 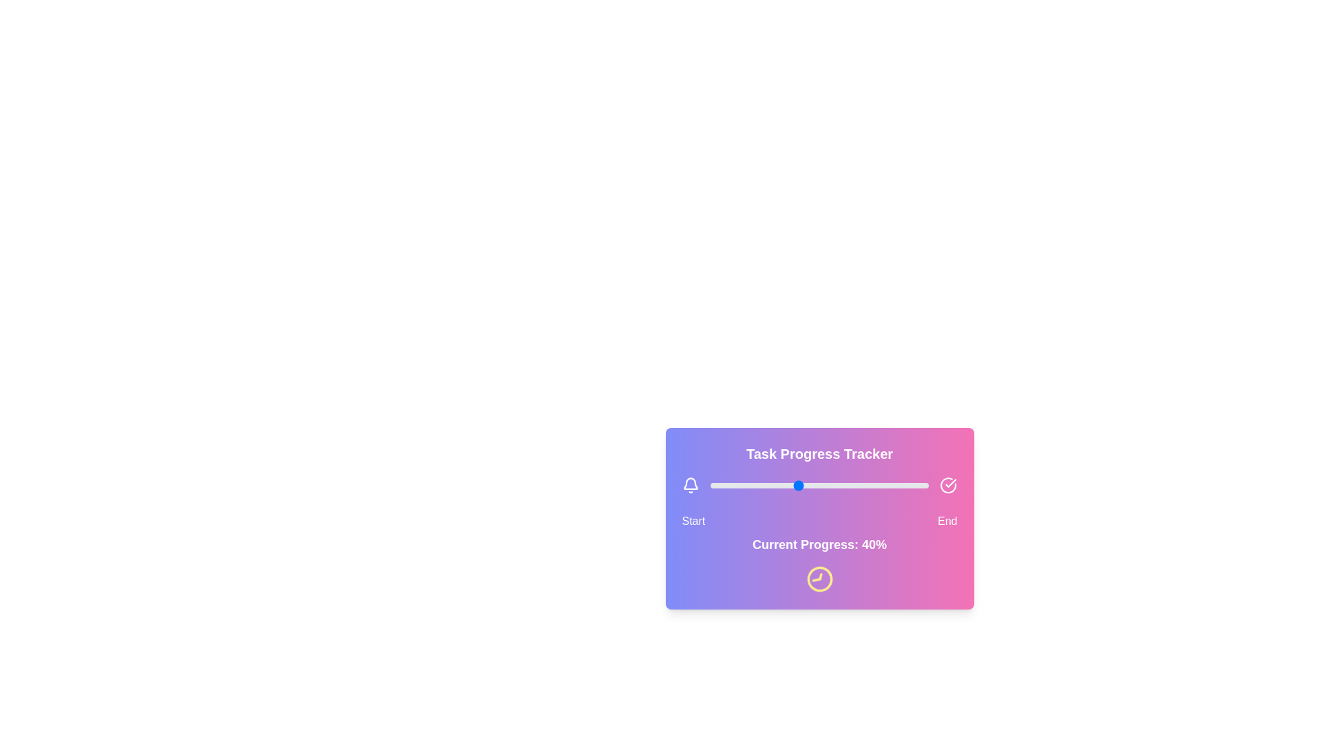 What do you see at coordinates (716, 484) in the screenshot?
I see `the progress slider to 3%` at bounding box center [716, 484].